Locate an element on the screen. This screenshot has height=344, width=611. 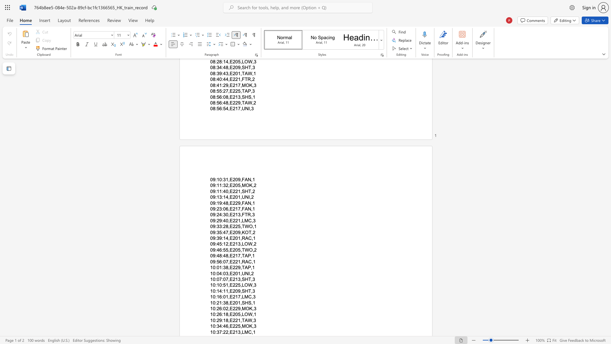
the subset text "7,E213,SHT,3" within the text "10:07:07,E213,SHT,3" is located at coordinates (226, 279).